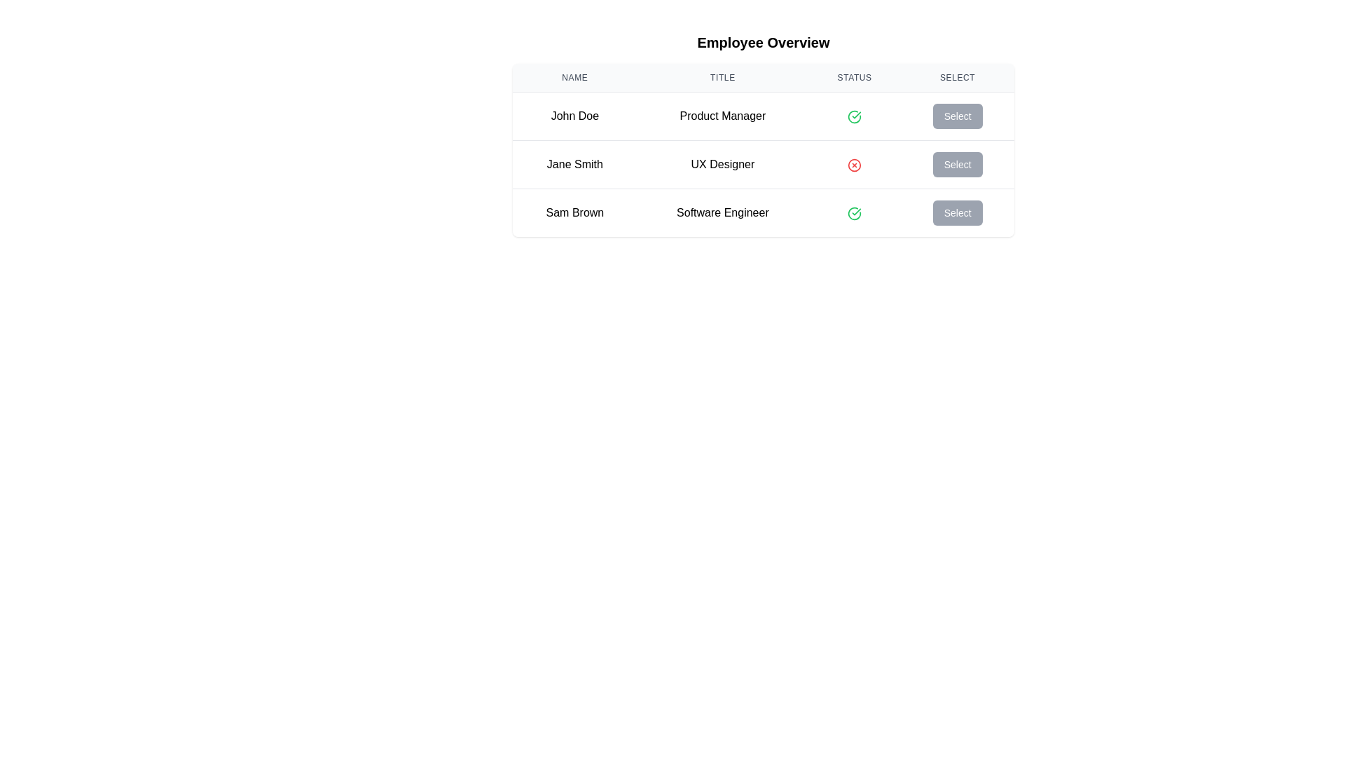  I want to click on the Decorative status indicator, which is the circular outer part of the icon under the 'STATUS' column for user 'Jane Smith', the UX Designer, so click(854, 164).